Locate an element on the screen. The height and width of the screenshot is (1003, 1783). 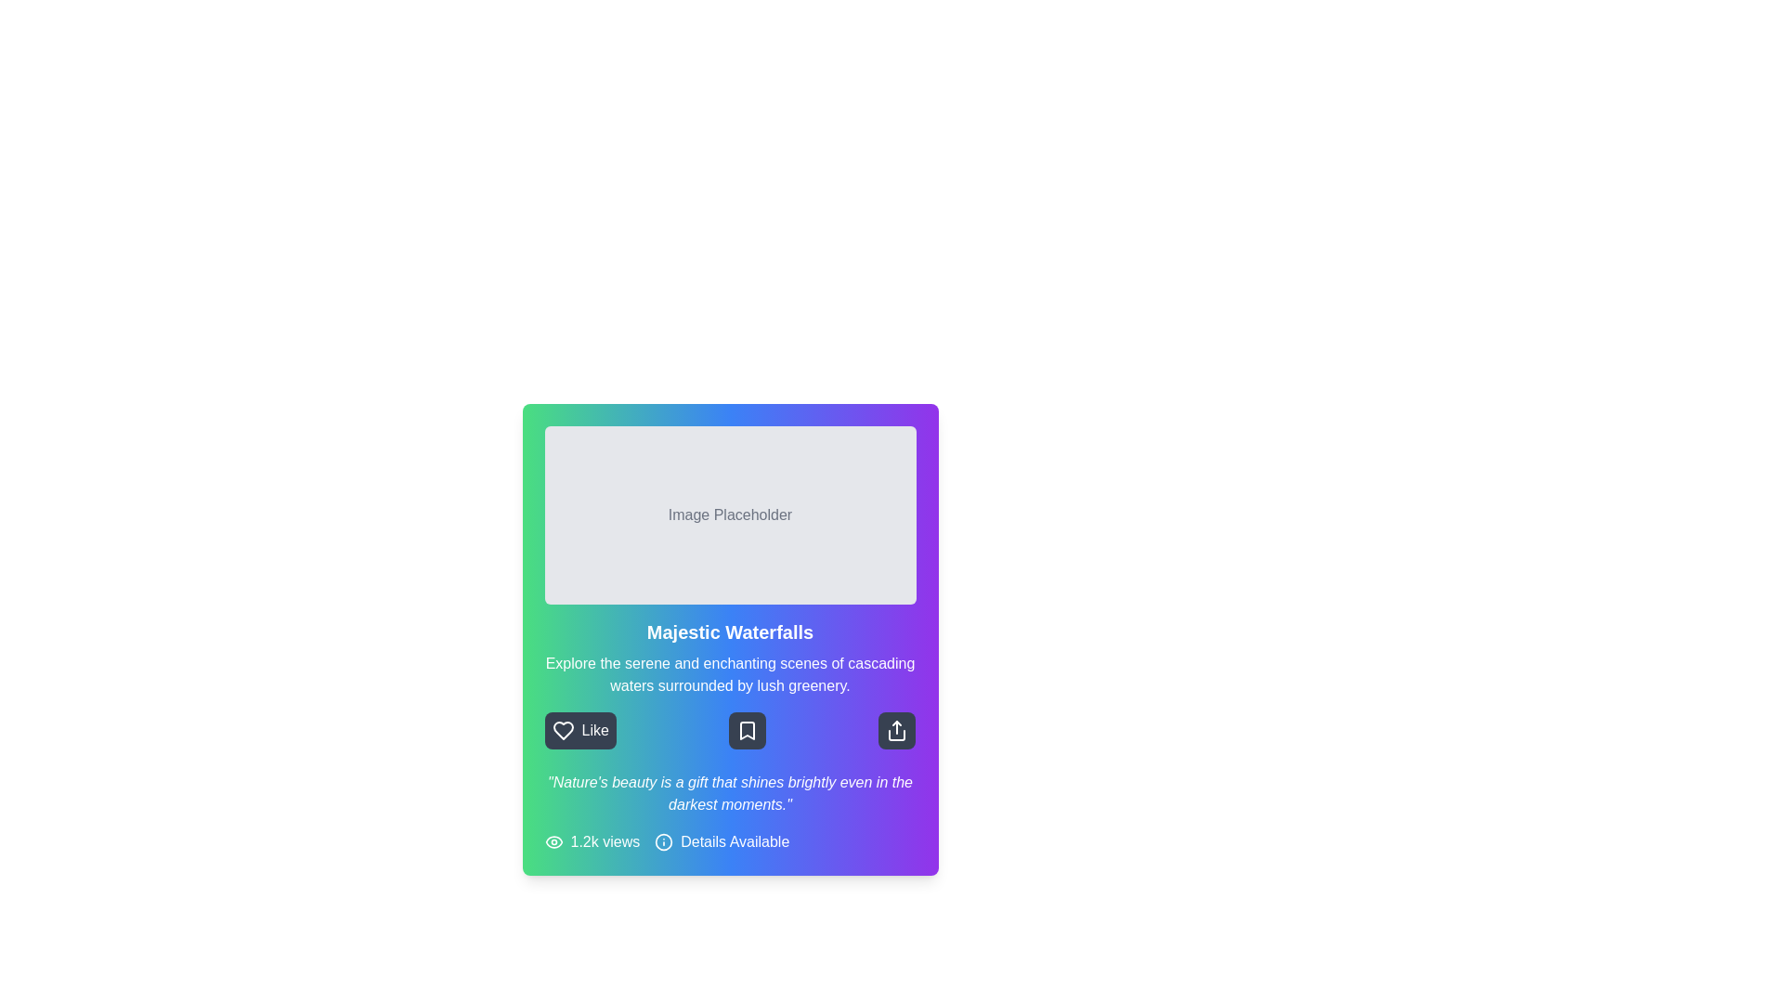
the small, square button with rounded corners that has a dark gray background and a white bookmark icon is located at coordinates (748, 729).